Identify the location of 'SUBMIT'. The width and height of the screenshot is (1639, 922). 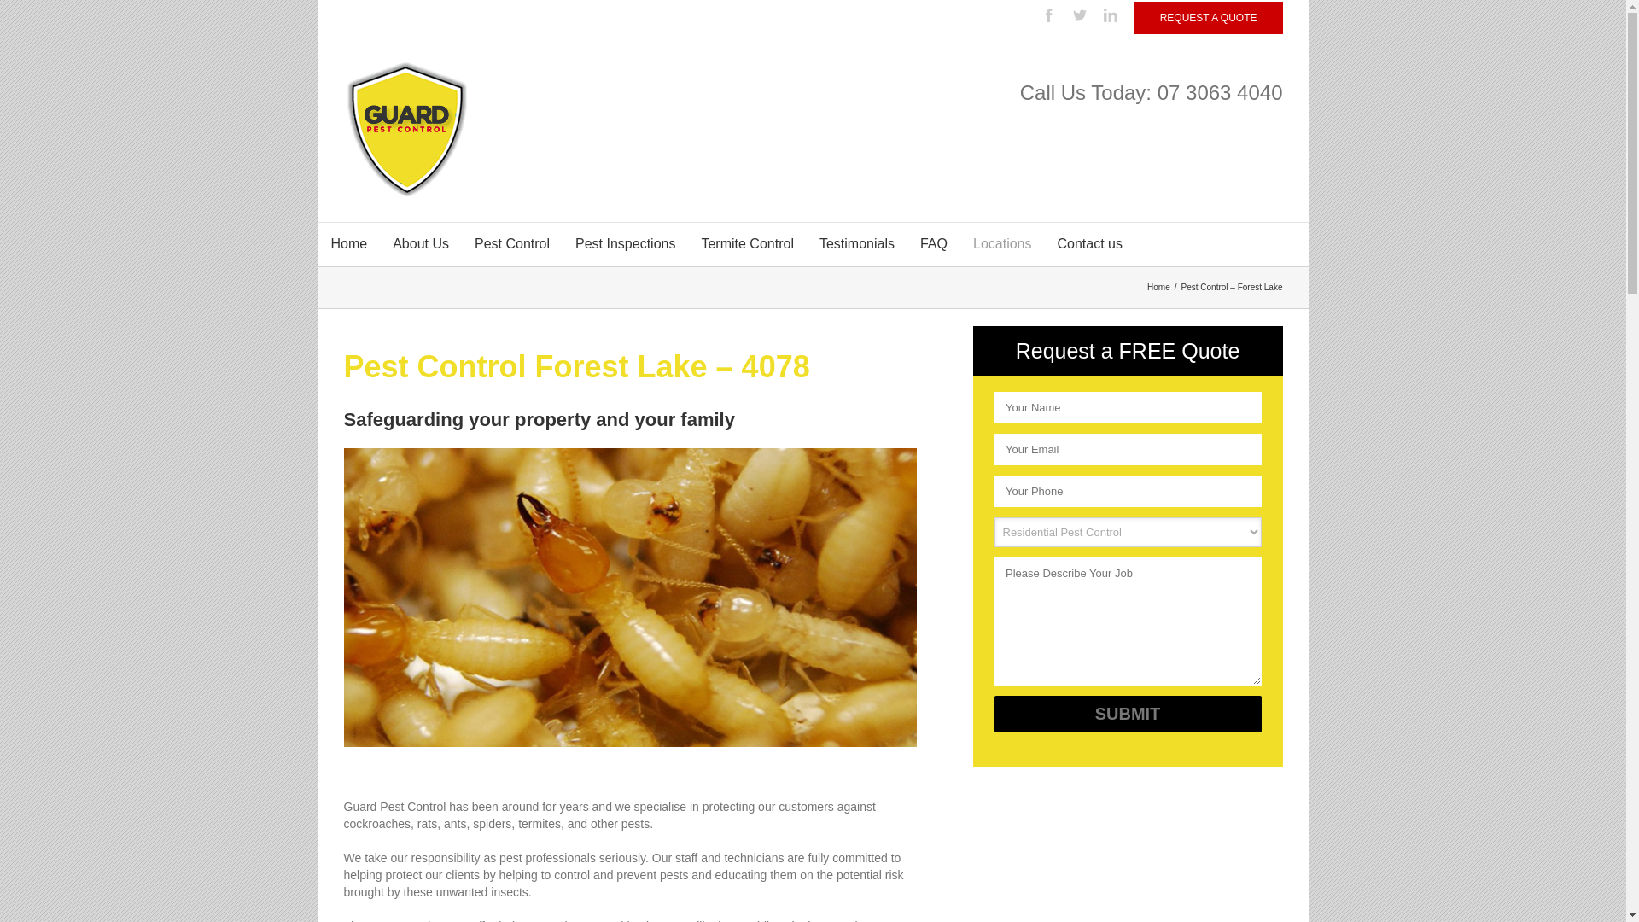
(1127, 714).